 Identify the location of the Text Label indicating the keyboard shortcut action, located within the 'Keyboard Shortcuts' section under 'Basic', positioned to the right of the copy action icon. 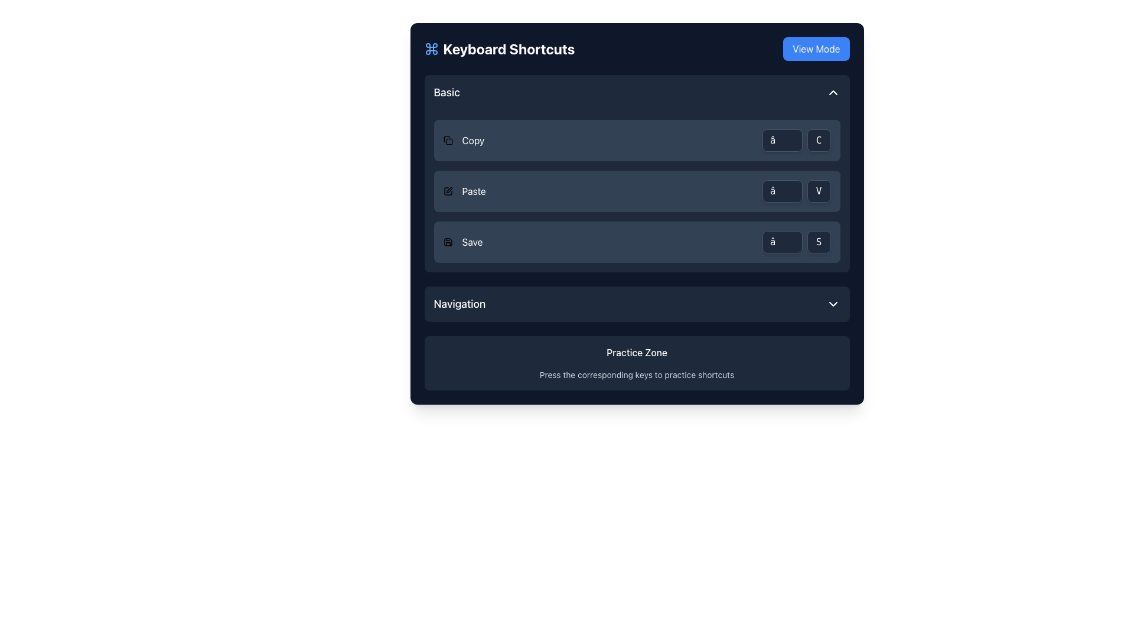
(473, 140).